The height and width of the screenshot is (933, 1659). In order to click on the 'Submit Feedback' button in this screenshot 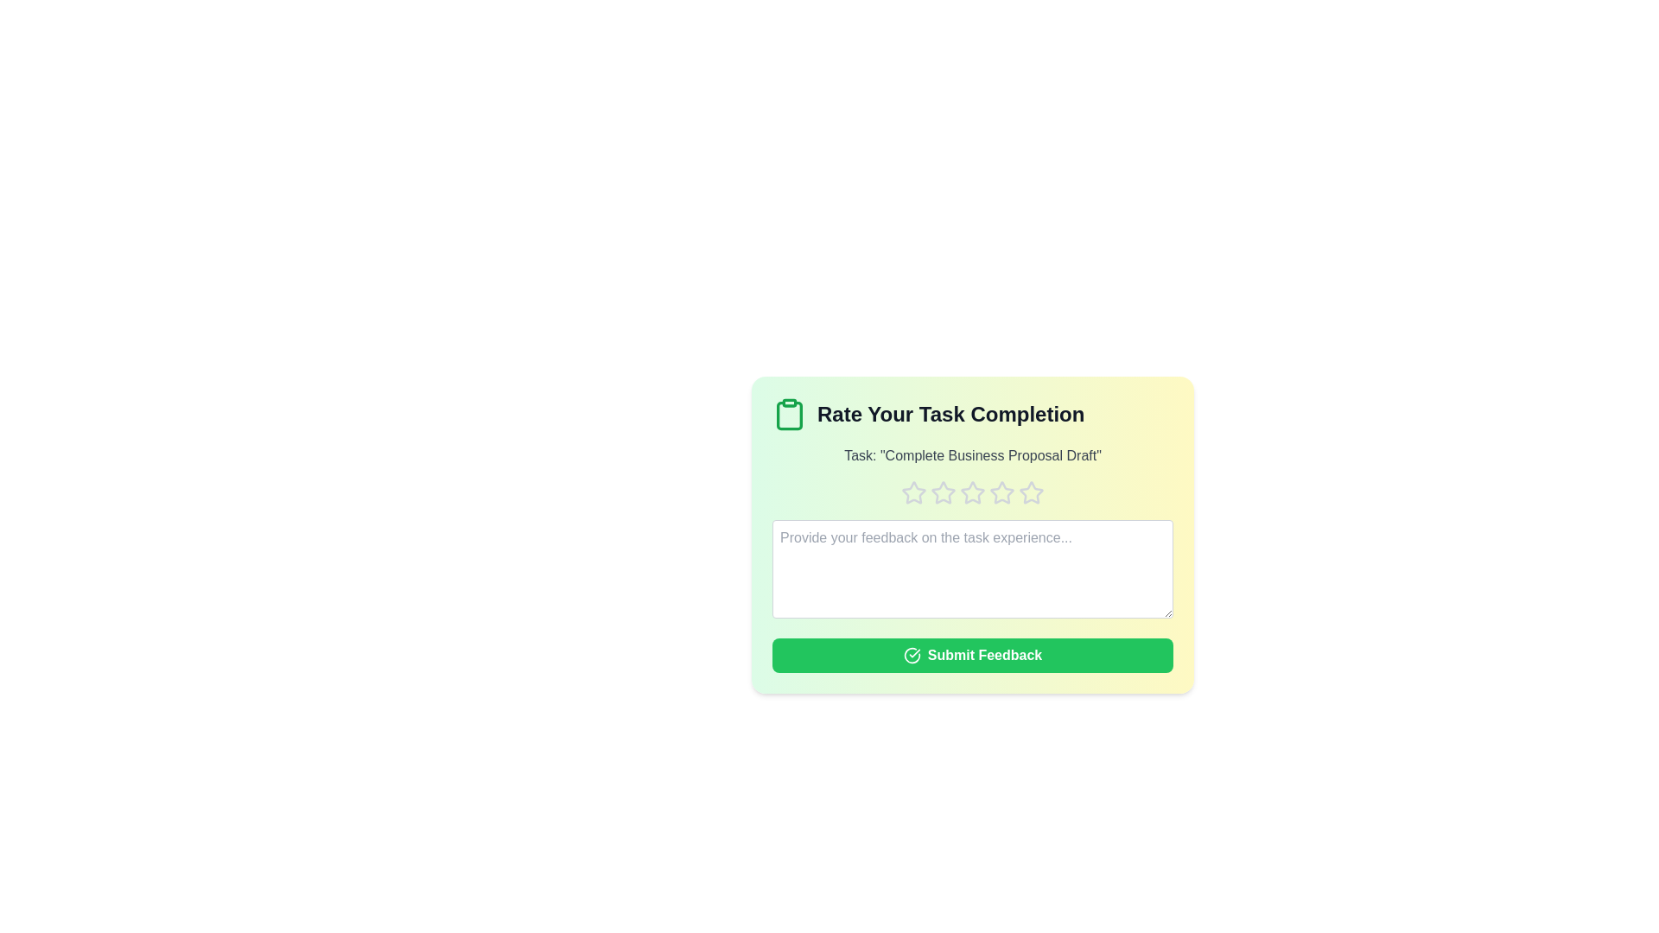, I will do `click(973, 656)`.